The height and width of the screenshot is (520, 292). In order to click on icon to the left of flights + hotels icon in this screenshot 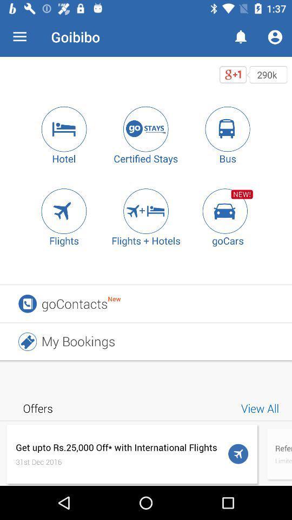, I will do `click(64, 210)`.